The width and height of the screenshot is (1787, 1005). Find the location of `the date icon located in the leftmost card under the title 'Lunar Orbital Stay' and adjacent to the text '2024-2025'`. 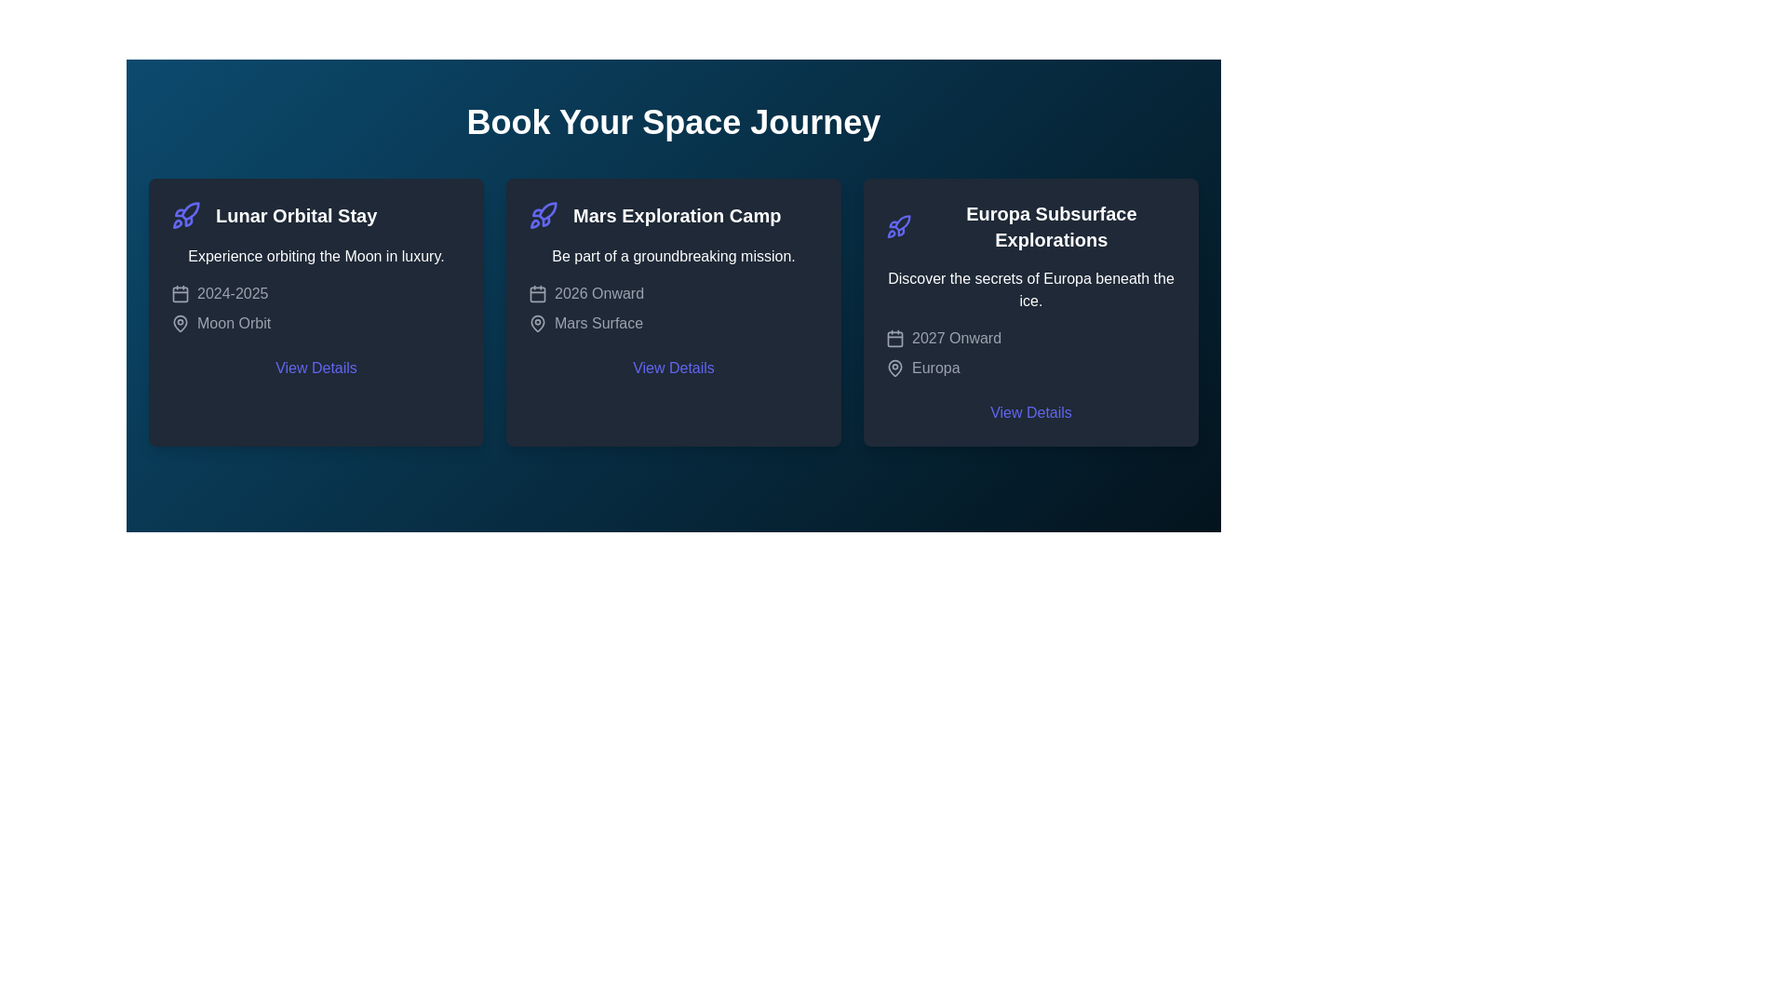

the date icon located in the leftmost card under the title 'Lunar Orbital Stay' and adjacent to the text '2024-2025' is located at coordinates (180, 293).